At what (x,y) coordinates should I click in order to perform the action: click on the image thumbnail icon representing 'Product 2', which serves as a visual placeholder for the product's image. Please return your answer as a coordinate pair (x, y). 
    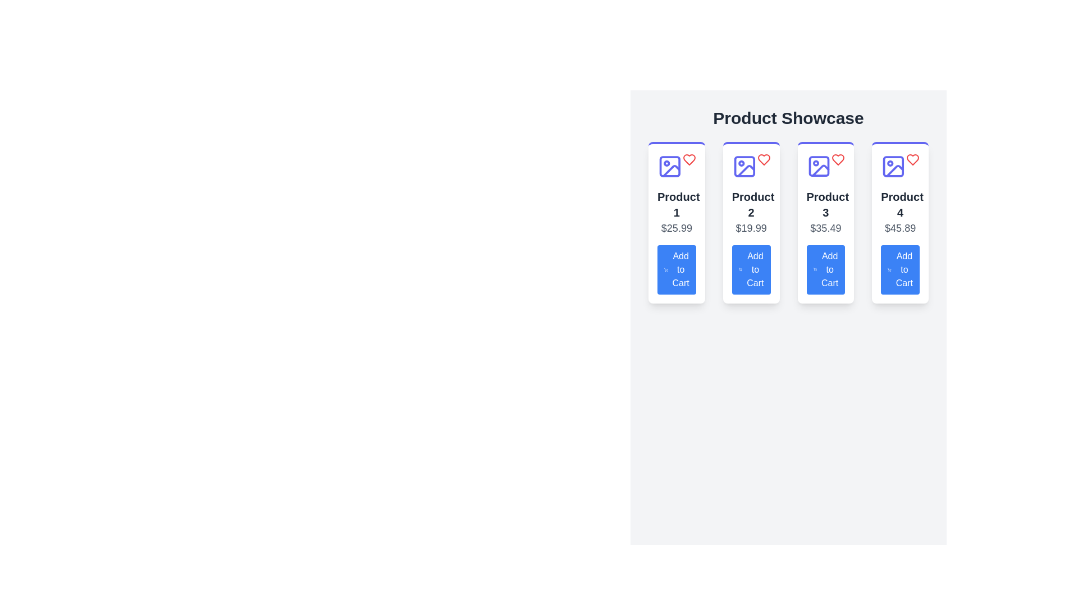
    Looking at the image, I should click on (744, 167).